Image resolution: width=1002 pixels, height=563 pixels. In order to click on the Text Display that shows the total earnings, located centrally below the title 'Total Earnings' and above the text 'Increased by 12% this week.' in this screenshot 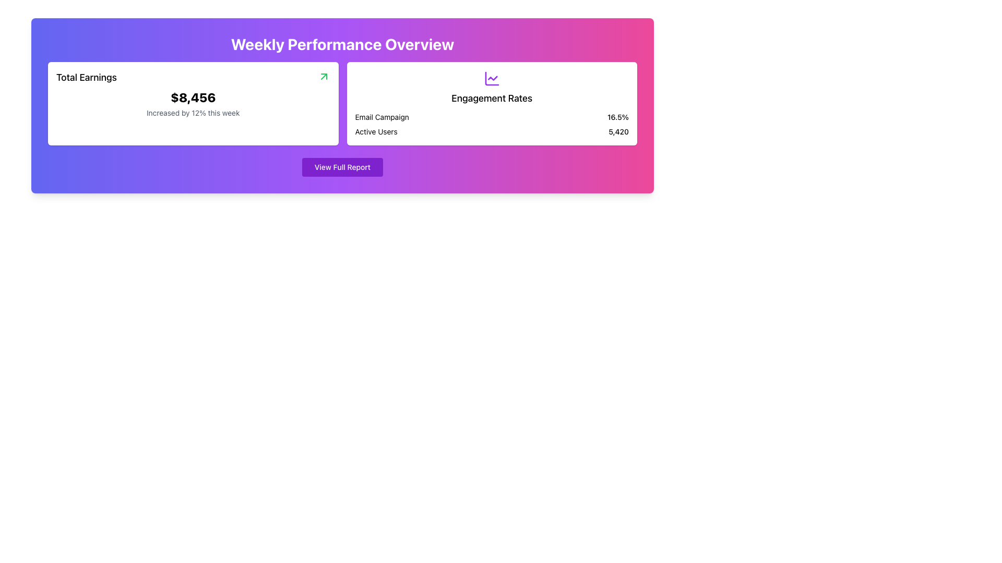, I will do `click(193, 97)`.